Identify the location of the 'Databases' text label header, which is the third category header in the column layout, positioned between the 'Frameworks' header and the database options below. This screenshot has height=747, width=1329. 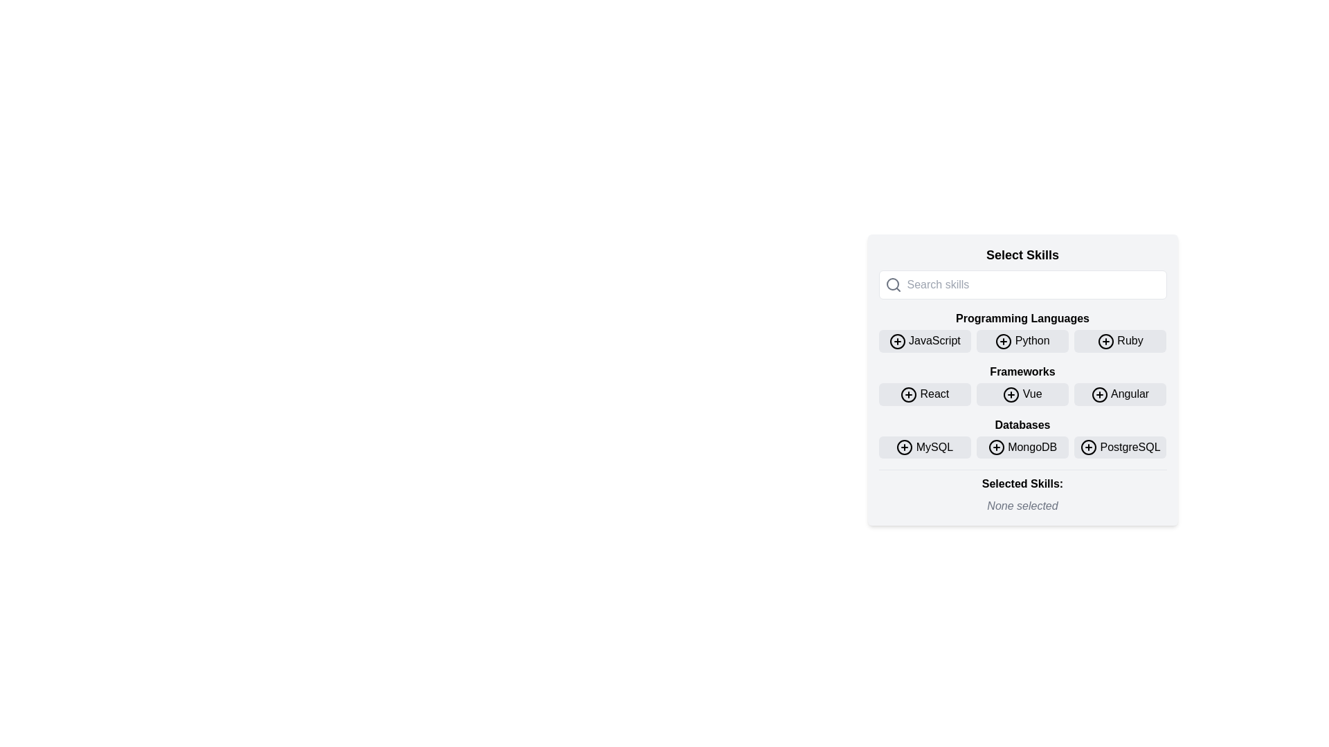
(1022, 424).